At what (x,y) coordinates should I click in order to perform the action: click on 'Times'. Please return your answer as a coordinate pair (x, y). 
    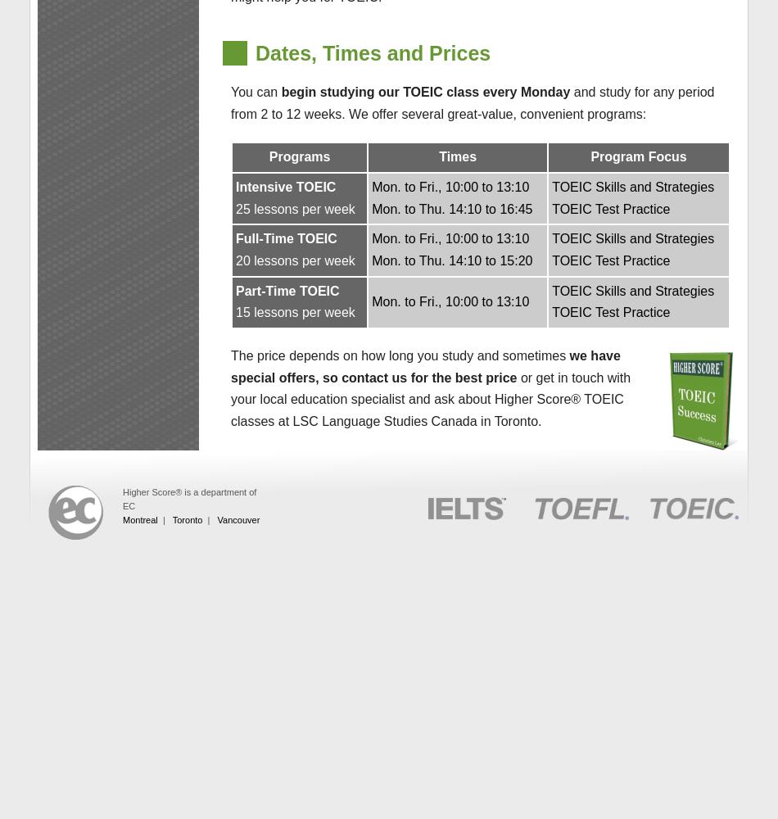
    Looking at the image, I should click on (457, 156).